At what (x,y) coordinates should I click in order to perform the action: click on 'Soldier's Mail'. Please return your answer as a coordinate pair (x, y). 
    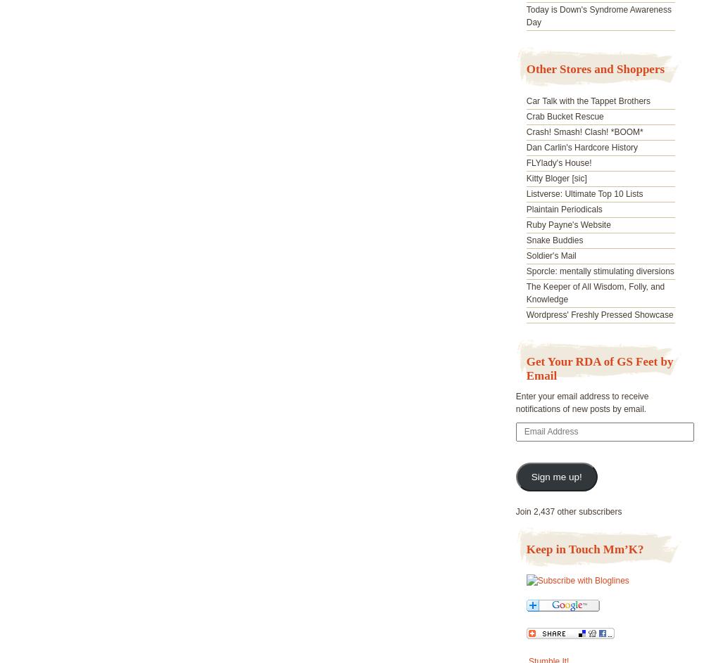
    Looking at the image, I should click on (551, 255).